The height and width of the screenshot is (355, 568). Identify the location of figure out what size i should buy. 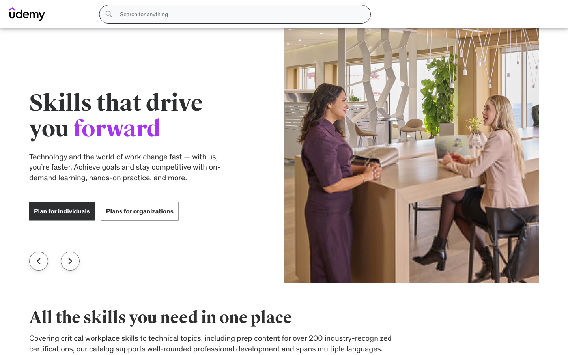
(502, 172).